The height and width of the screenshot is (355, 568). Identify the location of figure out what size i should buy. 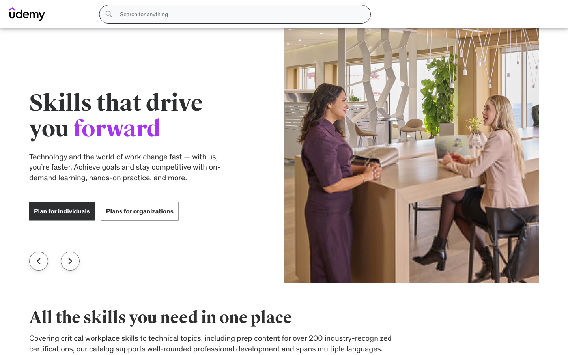
(502, 172).